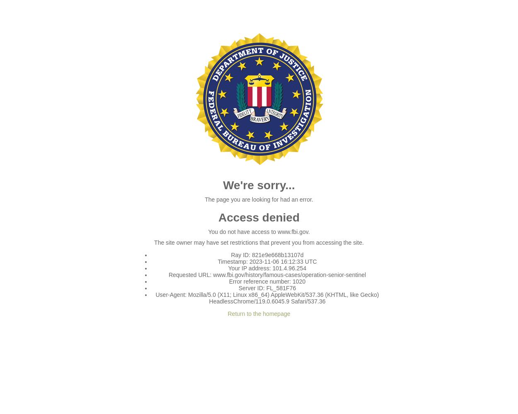 The height and width of the screenshot is (414, 518). I want to click on 'User-Agent: Mozilla/5.0 (X11; Linux x86_64) AppleWebKit/537.36 (KHTML, like Gecko) HeadlessChrome/119.0.6045.9 Safari/537.36', so click(267, 298).